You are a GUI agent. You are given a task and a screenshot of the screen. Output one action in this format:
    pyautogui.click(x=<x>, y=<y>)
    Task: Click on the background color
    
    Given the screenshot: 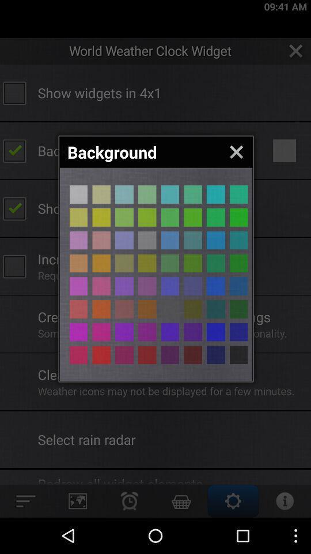 What is the action you would take?
    pyautogui.click(x=124, y=263)
    